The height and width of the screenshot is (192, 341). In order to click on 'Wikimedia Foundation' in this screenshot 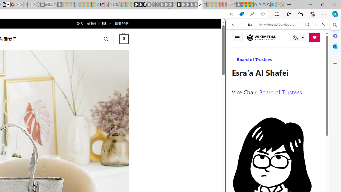, I will do `click(261, 37)`.